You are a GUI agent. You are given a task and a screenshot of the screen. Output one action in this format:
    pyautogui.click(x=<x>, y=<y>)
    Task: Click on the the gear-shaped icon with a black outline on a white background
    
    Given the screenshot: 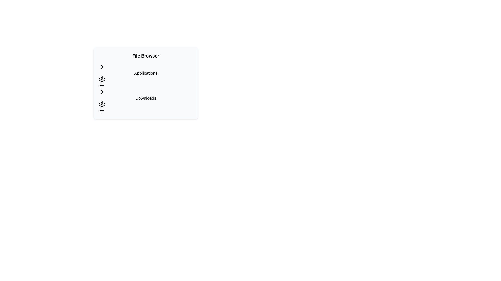 What is the action you would take?
    pyautogui.click(x=102, y=104)
    